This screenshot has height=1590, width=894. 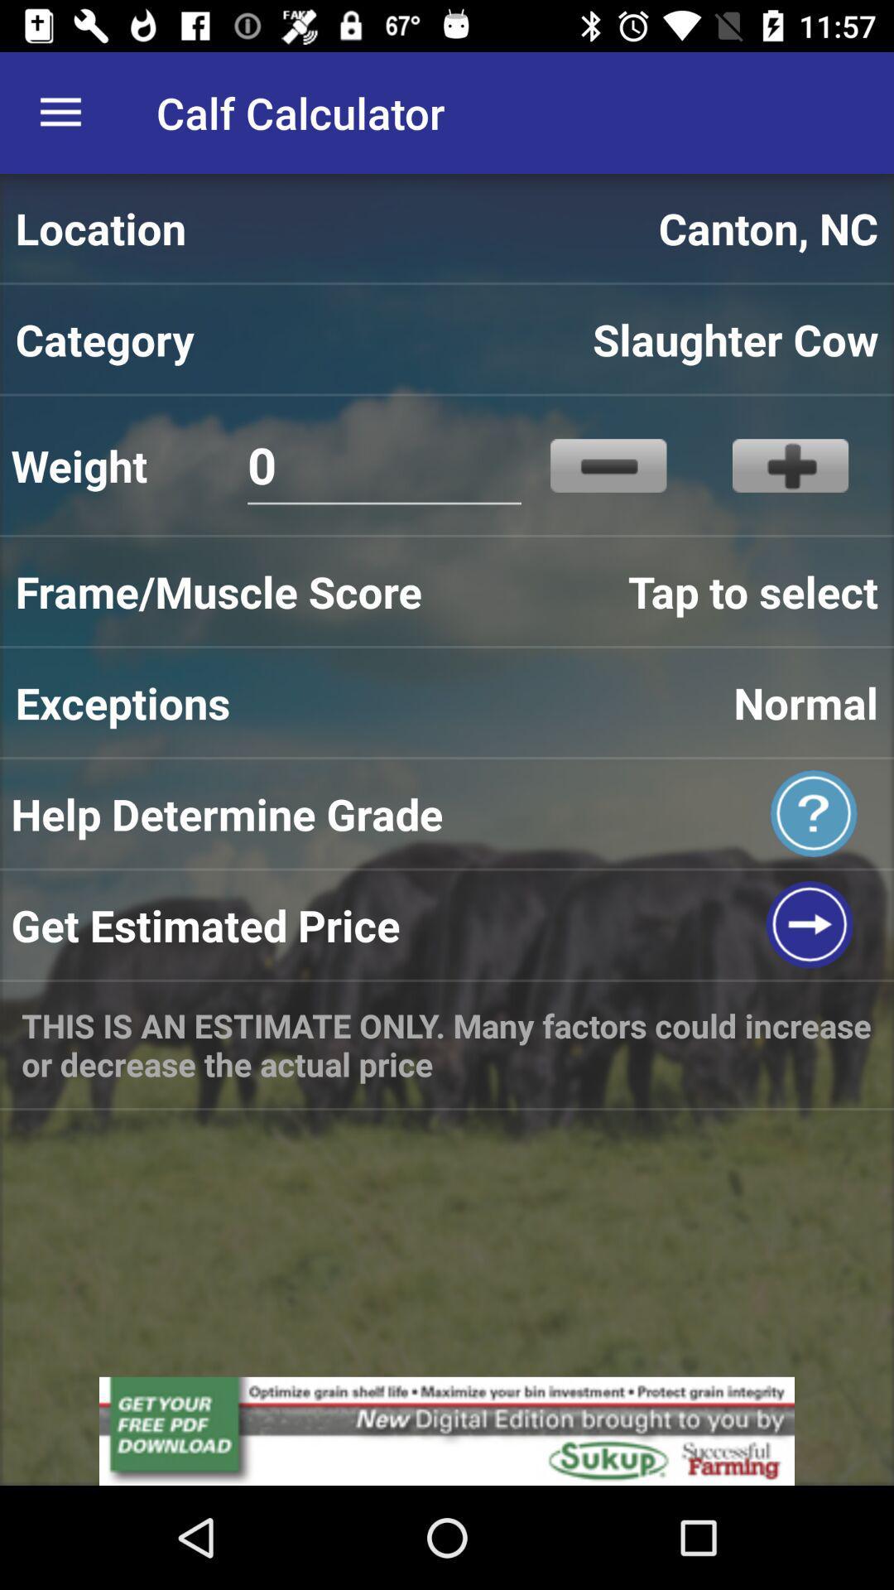 What do you see at coordinates (789, 465) in the screenshot?
I see `increases value` at bounding box center [789, 465].